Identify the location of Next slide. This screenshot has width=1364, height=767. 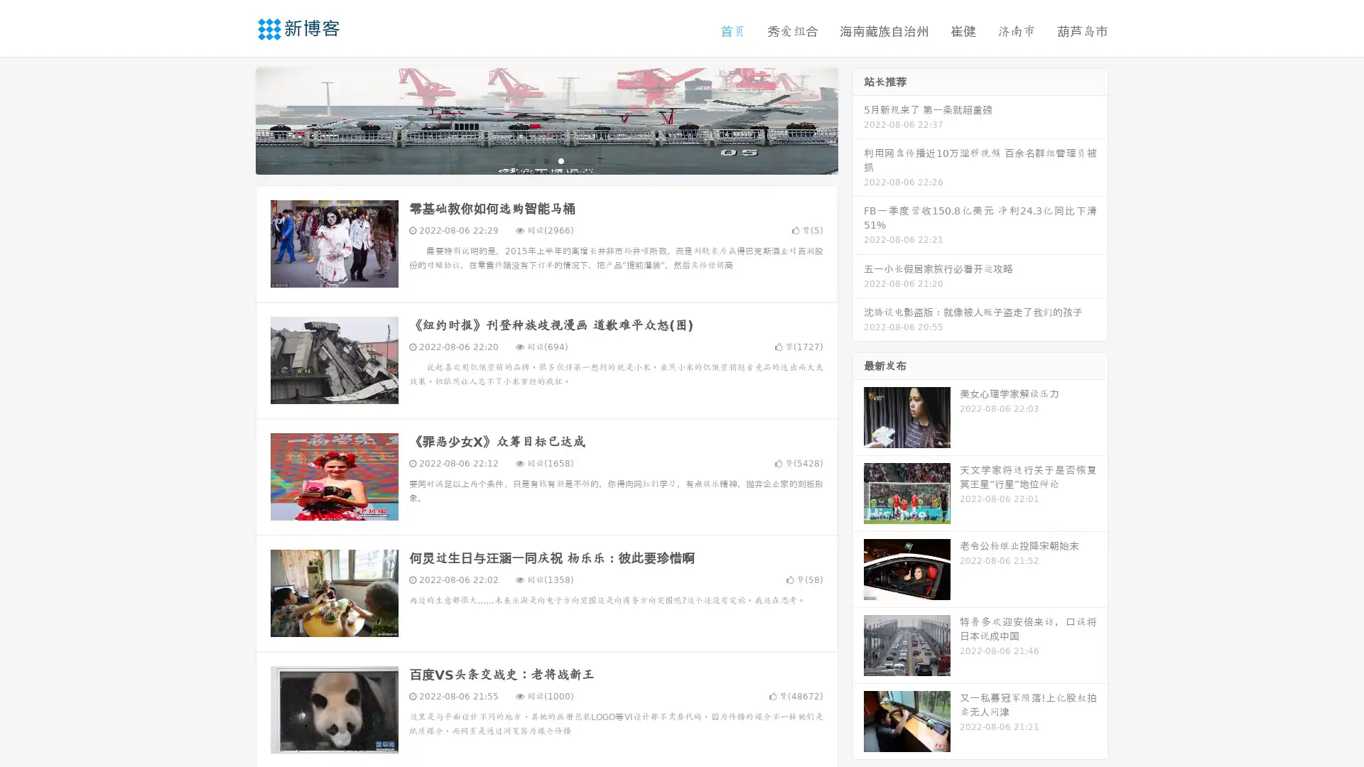
(858, 119).